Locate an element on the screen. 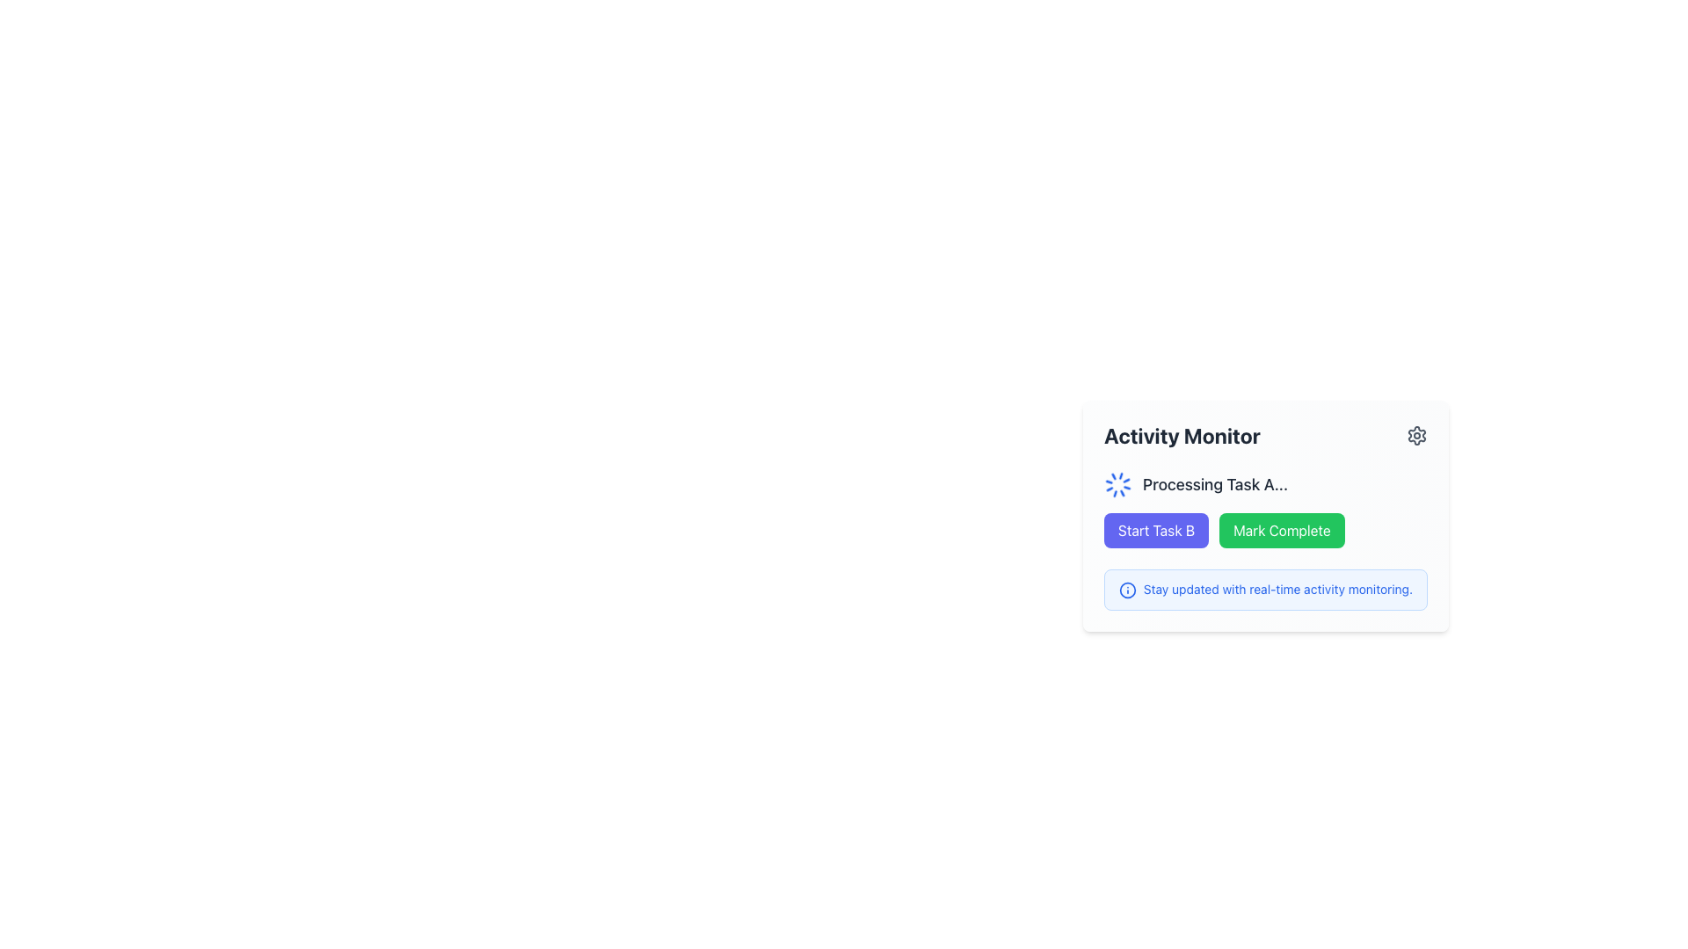 The width and height of the screenshot is (1688, 949). the settings icon located in the top-right corner of the 'Activity Monitor' section is located at coordinates (1417, 435).